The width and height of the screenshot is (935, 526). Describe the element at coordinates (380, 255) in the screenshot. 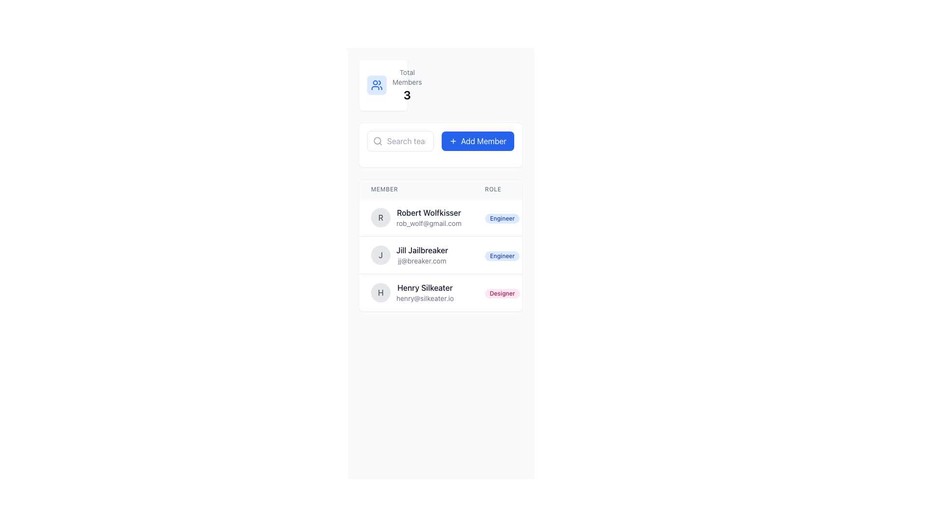

I see `the static text element styled as an initial avatar for the user 'Jill Jailbreaker' located in the second row of the member list` at that location.